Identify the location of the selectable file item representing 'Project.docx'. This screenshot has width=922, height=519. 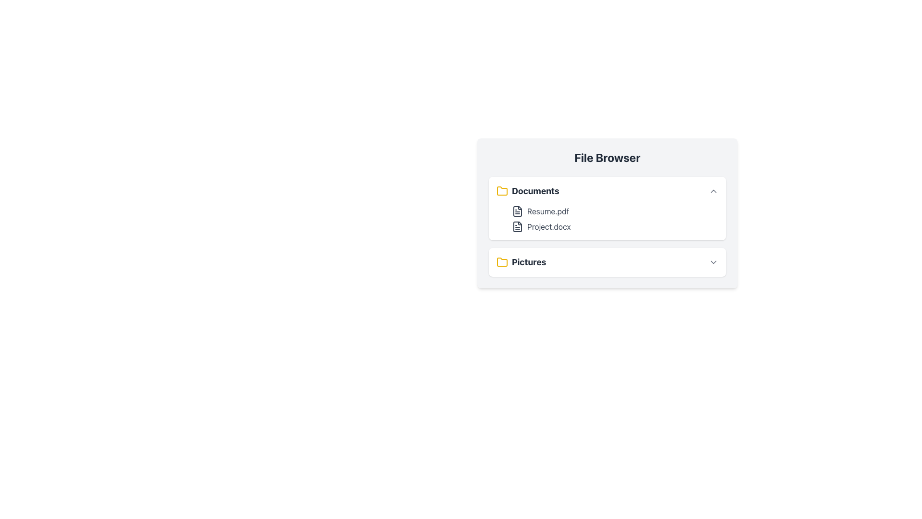
(615, 226).